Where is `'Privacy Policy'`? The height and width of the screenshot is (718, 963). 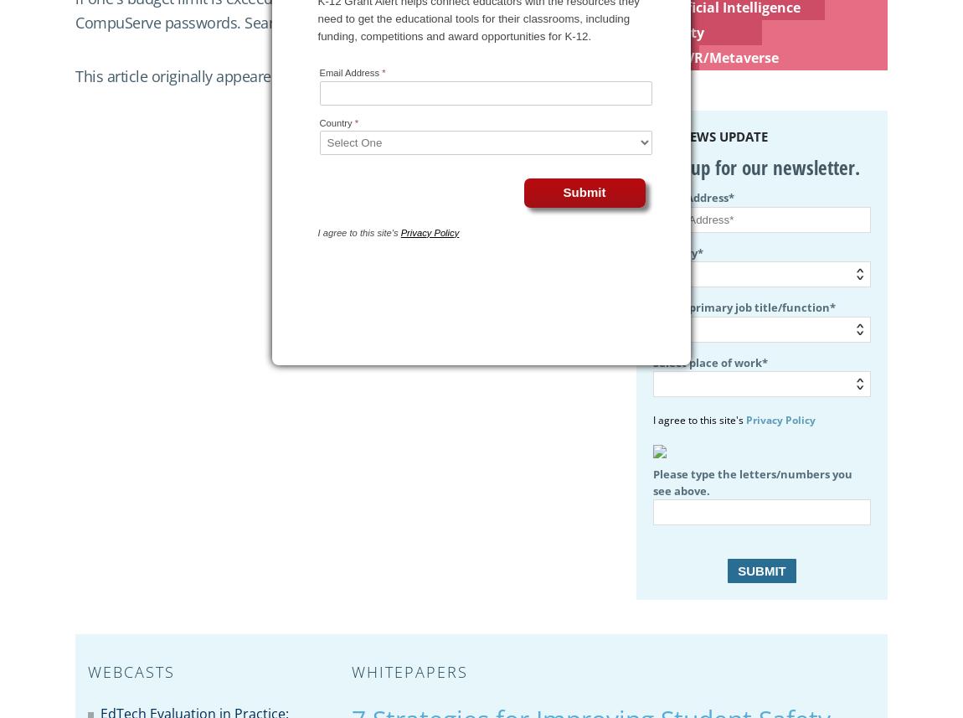 'Privacy Policy' is located at coordinates (780, 420).